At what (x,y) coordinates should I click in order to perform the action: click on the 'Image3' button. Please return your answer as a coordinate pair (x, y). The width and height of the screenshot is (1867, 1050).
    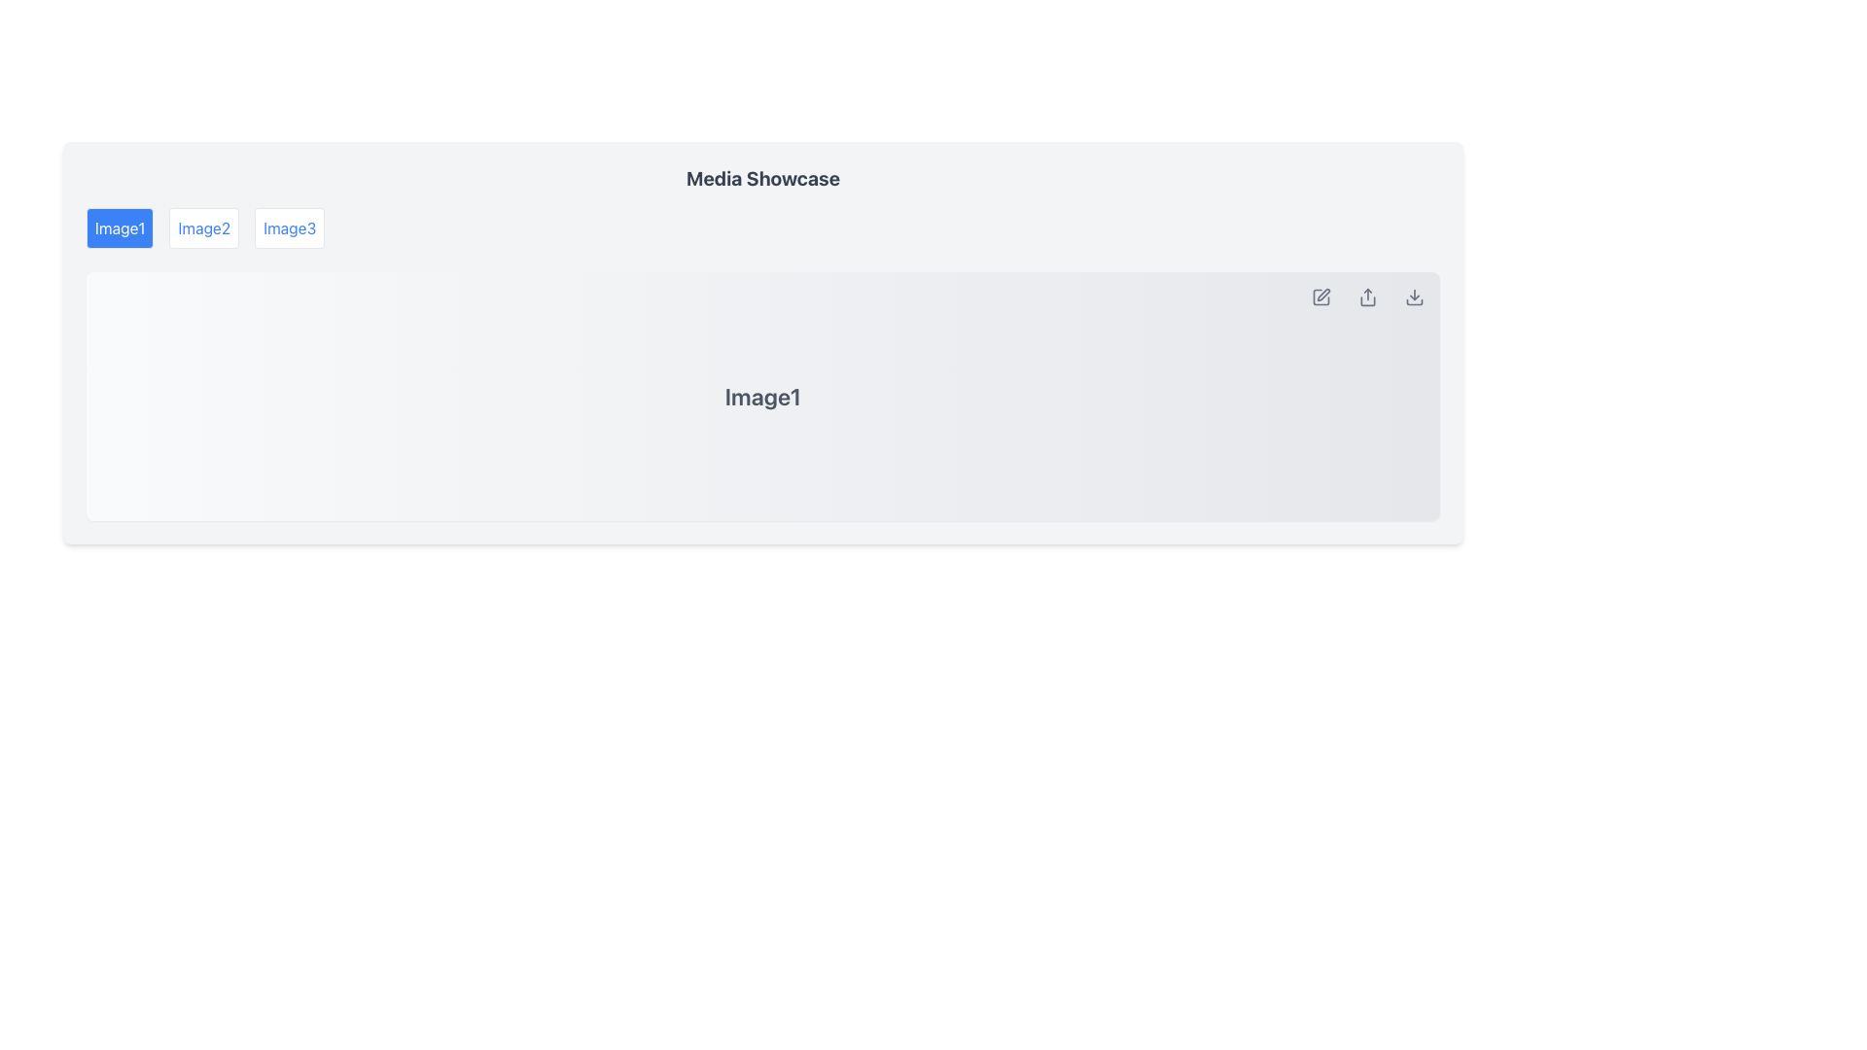
    Looking at the image, I should click on (289, 227).